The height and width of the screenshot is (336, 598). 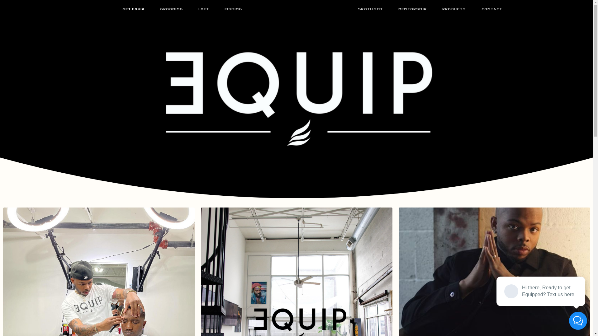 What do you see at coordinates (396, 206) in the screenshot?
I see `'Contact'` at bounding box center [396, 206].